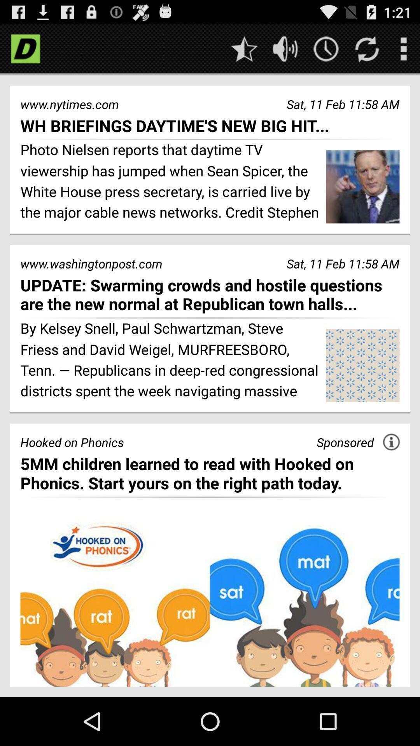 The height and width of the screenshot is (746, 420). I want to click on the conent, so click(210, 602).